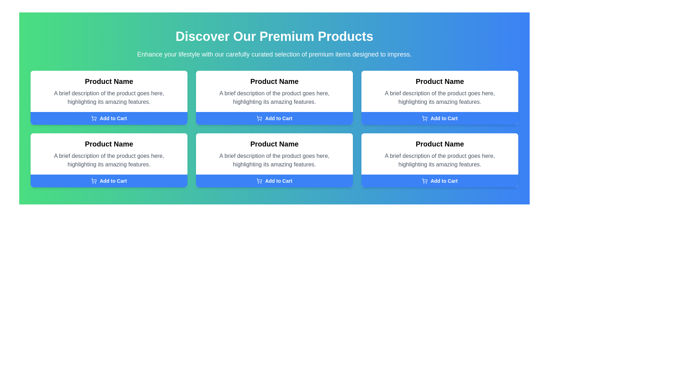 This screenshot has width=683, height=384. What do you see at coordinates (439, 97) in the screenshot?
I see `the third product display card in the top row of the grid layout to focus on it` at bounding box center [439, 97].